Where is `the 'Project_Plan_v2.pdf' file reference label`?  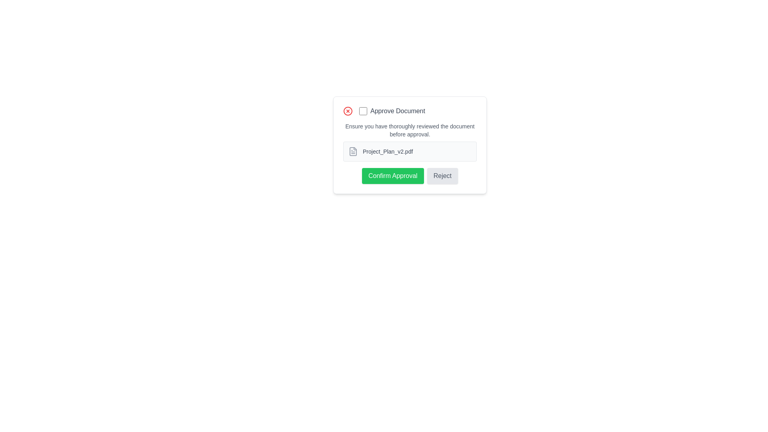
the 'Project_Plan_v2.pdf' file reference label is located at coordinates (410, 151).